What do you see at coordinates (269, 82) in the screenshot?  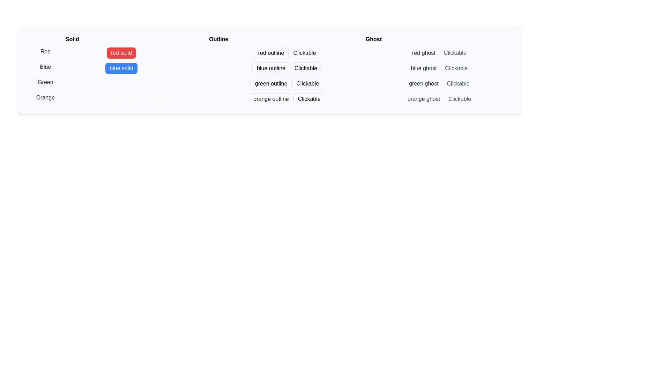 I see `the button labeled 'green outline' which is located in the 'Green' row and 'Outline' column, situated between the 'Solid' and 'Ghost' buttons` at bounding box center [269, 82].